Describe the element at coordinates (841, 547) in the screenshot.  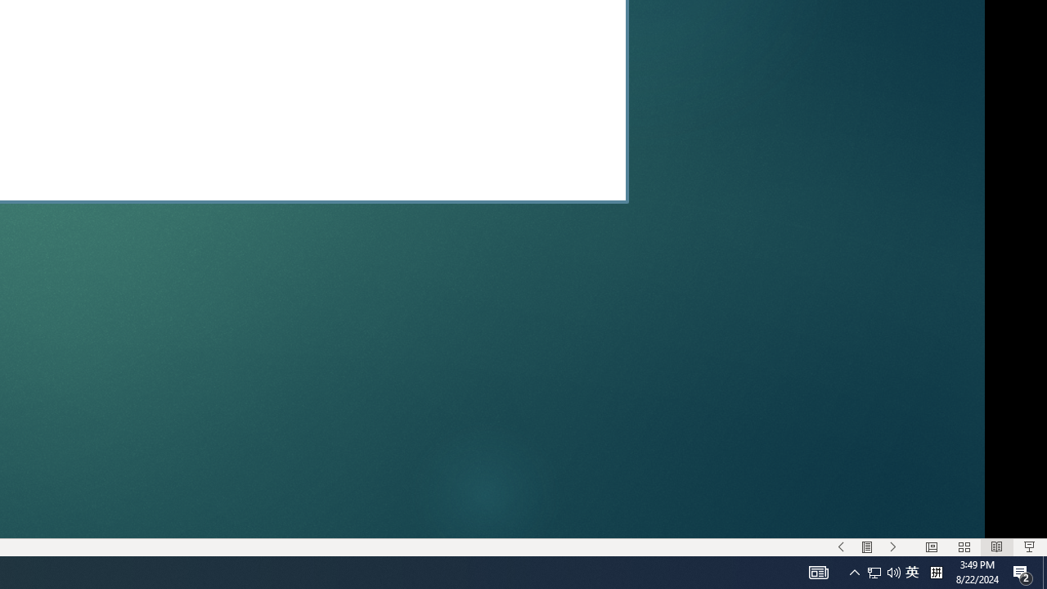
I see `'Slide Show Previous On'` at that location.